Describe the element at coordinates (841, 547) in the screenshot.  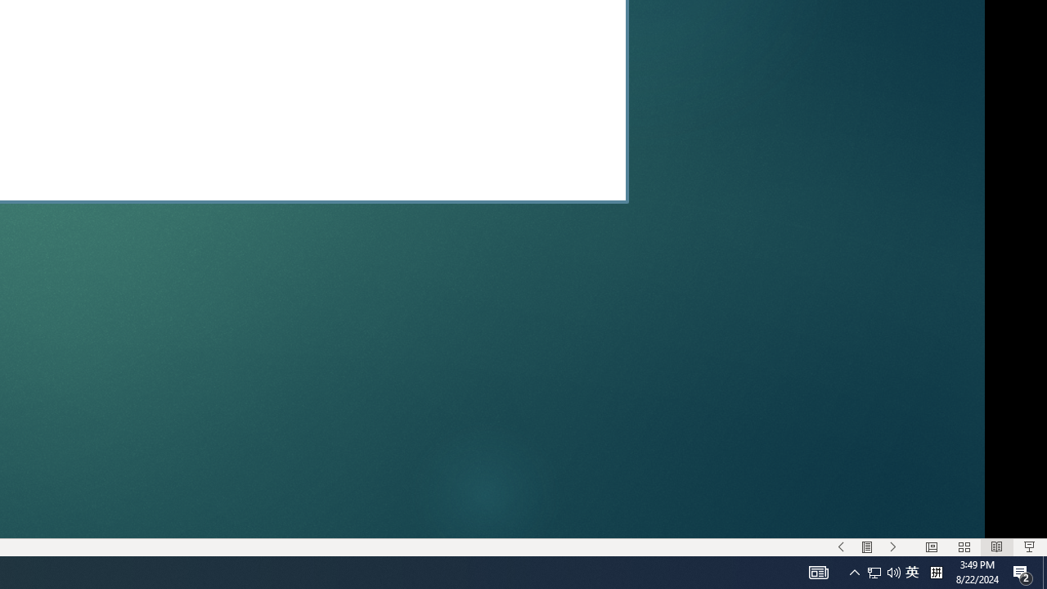
I see `'Slide Show Previous On'` at that location.